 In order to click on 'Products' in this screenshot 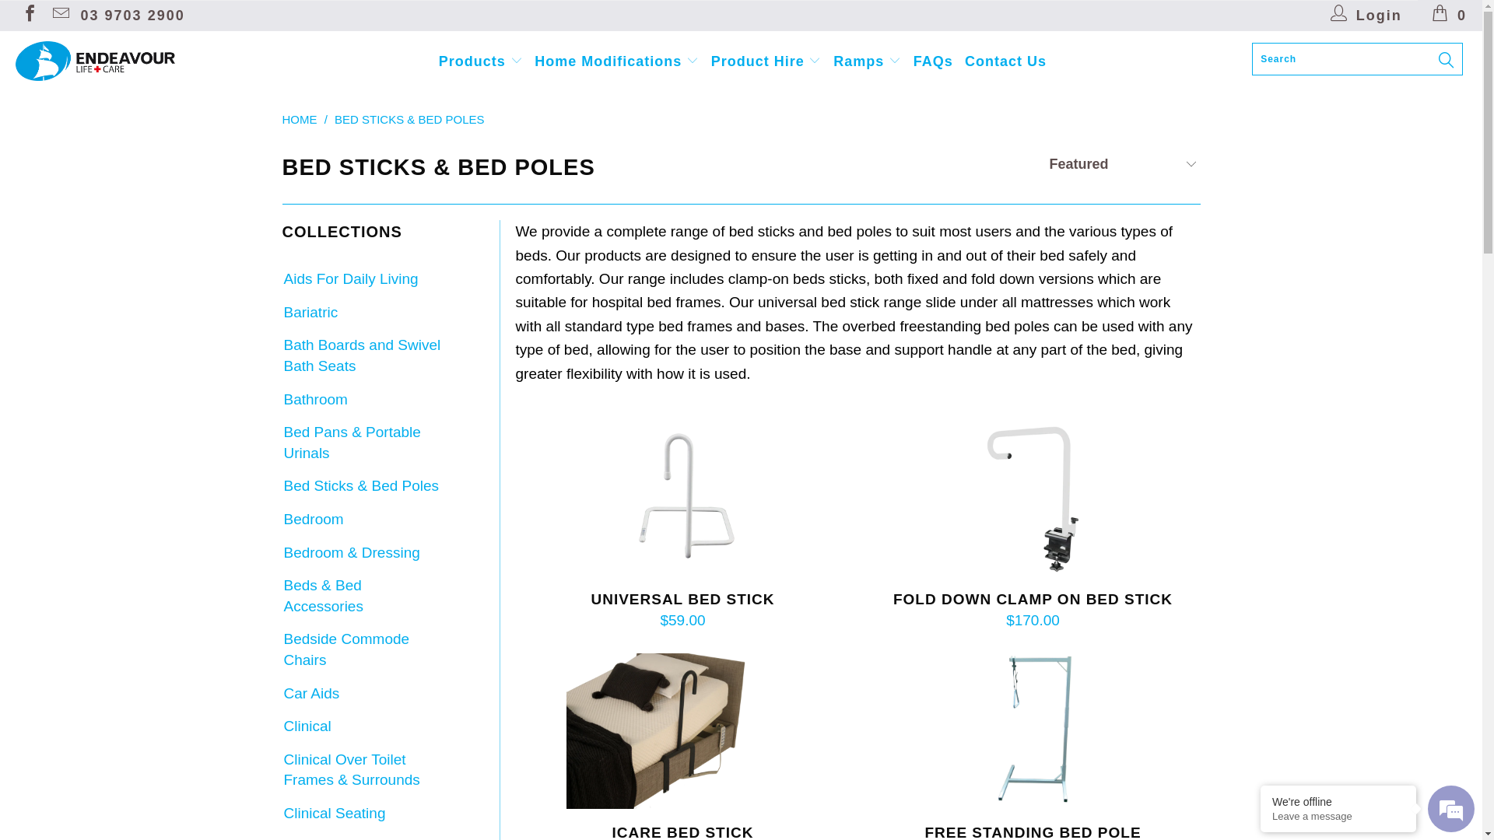, I will do `click(480, 60)`.